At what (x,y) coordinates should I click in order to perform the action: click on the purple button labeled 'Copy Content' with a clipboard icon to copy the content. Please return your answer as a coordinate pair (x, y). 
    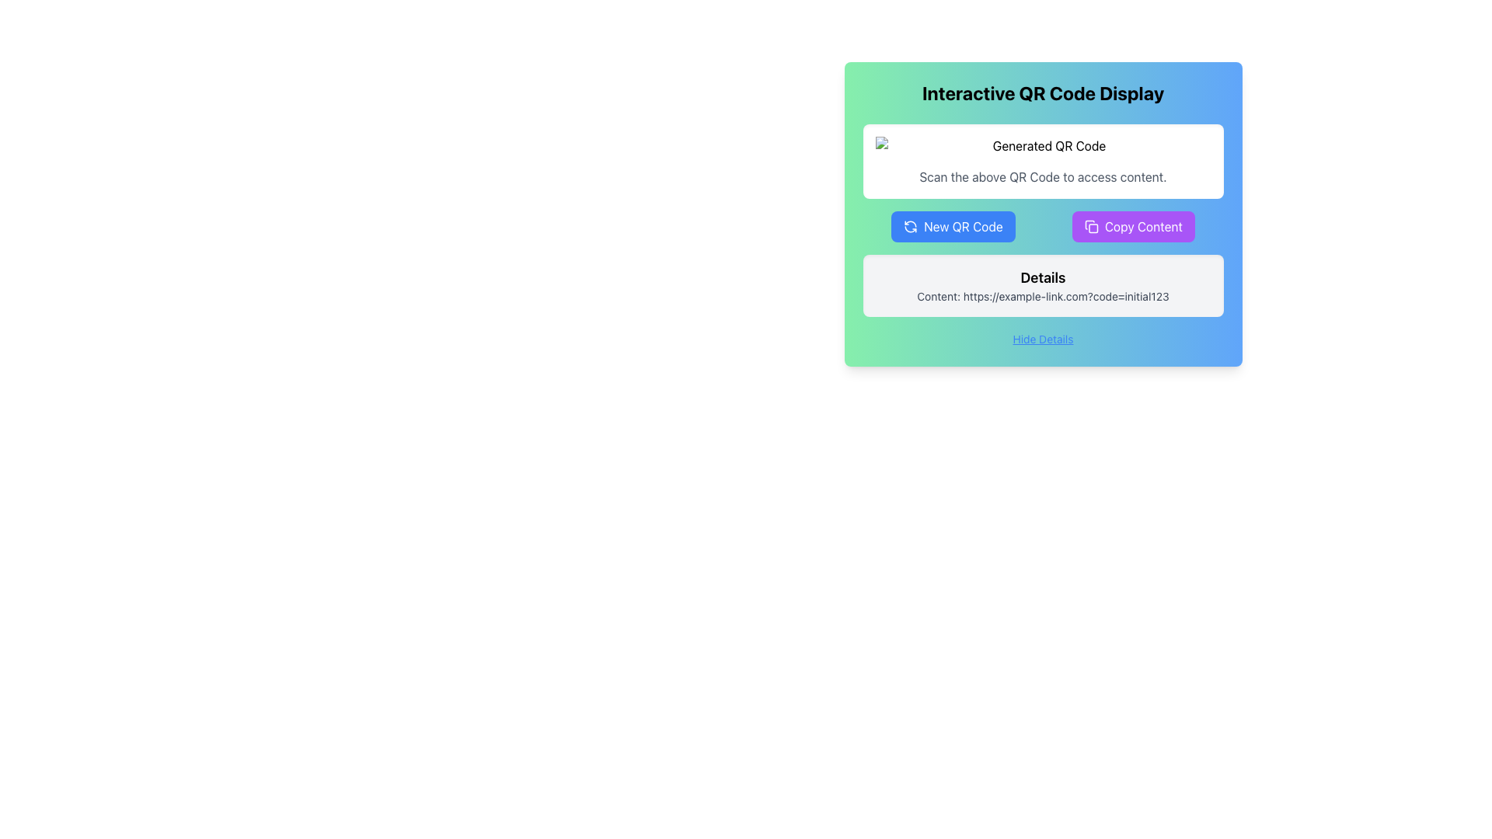
    Looking at the image, I should click on (1133, 227).